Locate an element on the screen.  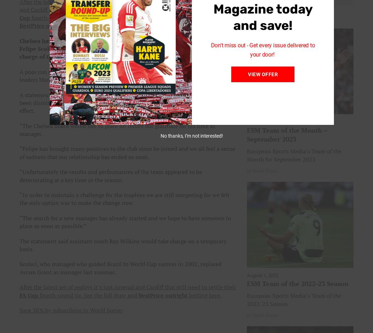
'European Sports Media’s Team of the Month for September 2023' is located at coordinates (294, 155).